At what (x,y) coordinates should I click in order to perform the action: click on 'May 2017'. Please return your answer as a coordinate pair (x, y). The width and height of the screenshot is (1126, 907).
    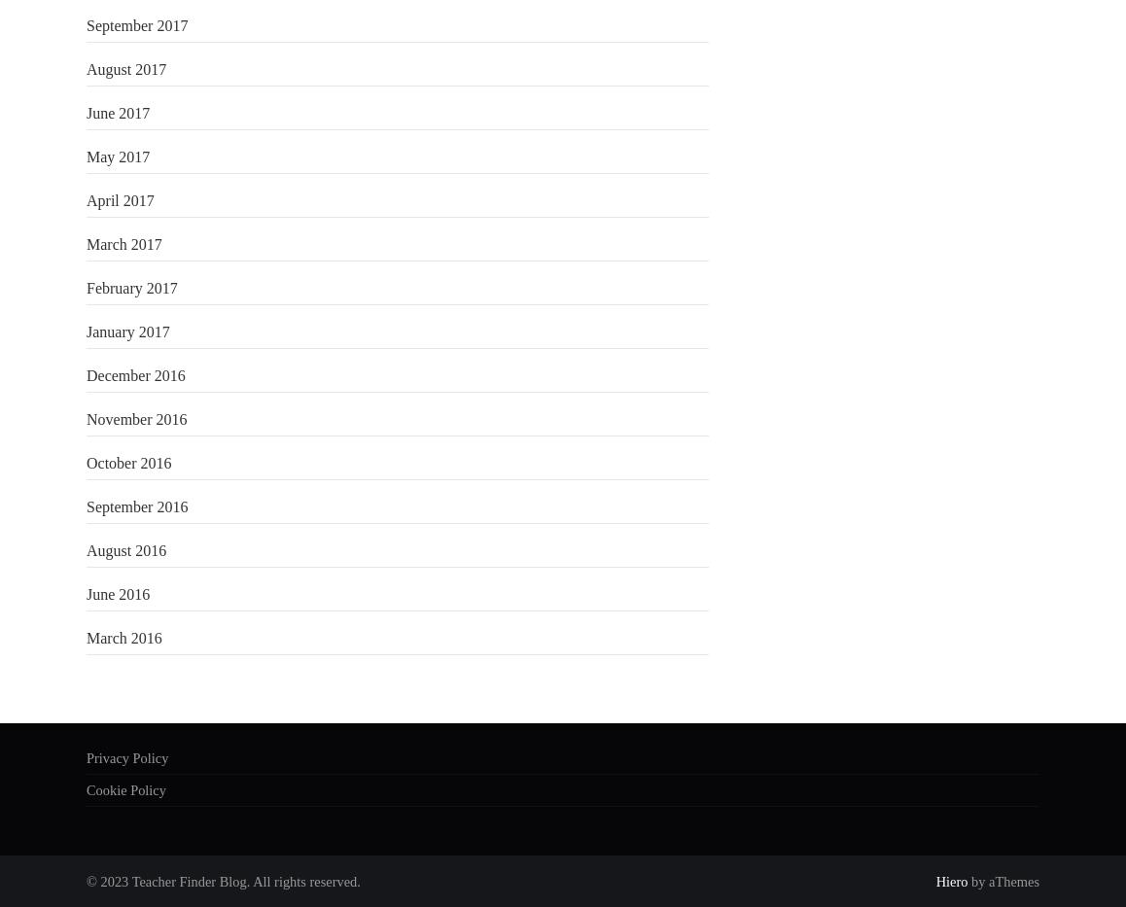
    Looking at the image, I should click on (117, 156).